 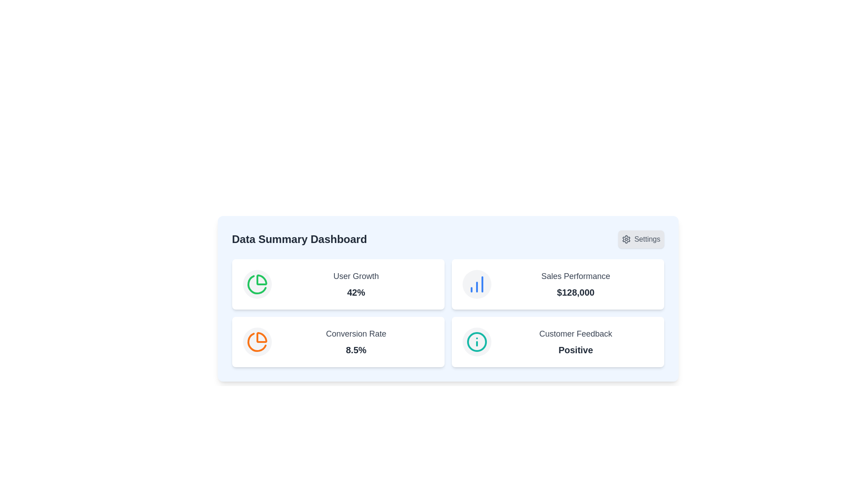 I want to click on the text label displaying 'User Growth' in bold, medium size, dark gray color, located at the top of a card within the data dashboard, so click(x=355, y=275).